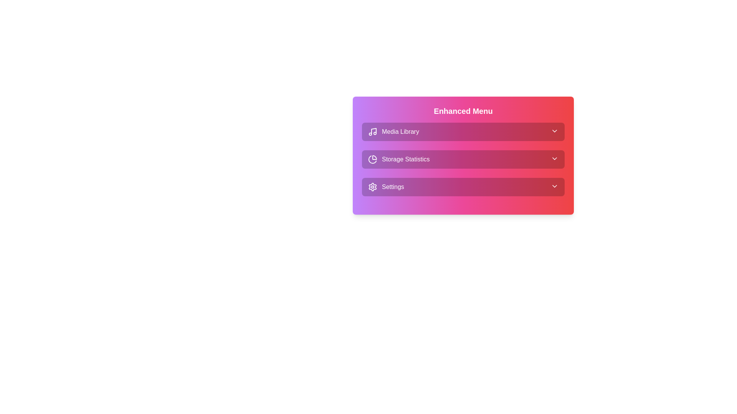 The image size is (737, 414). I want to click on the second interactive button in the 'Enhanced Menu' section, located below 'Media Library' and above 'Settings', so click(463, 159).